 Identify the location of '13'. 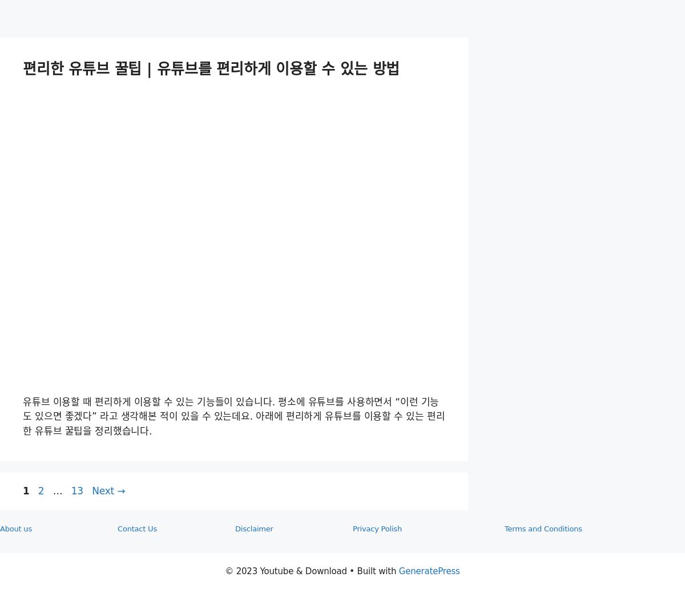
(76, 491).